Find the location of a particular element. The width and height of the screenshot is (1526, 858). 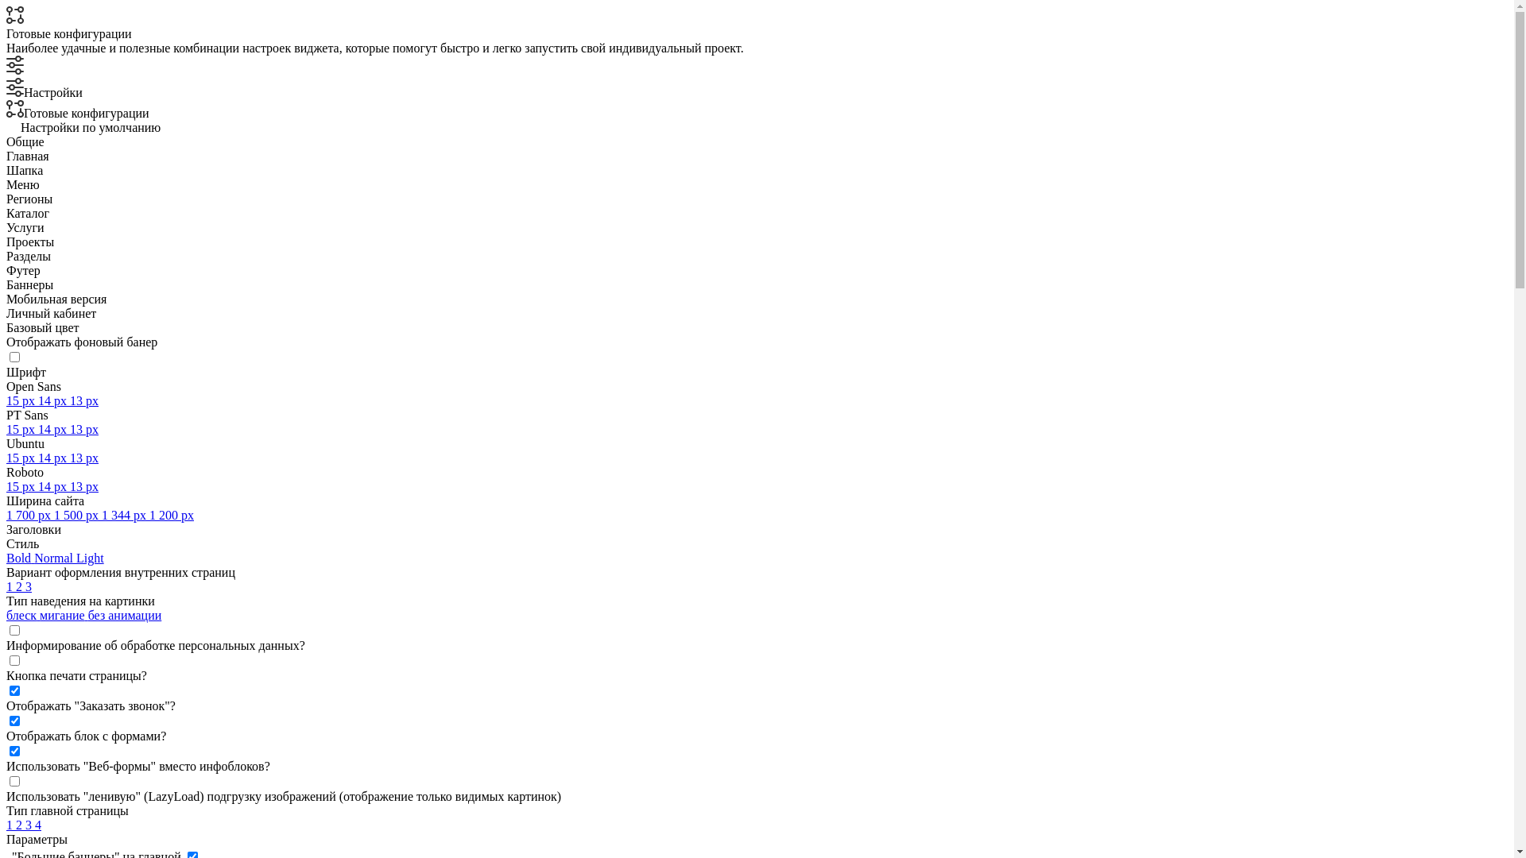

'13 px' is located at coordinates (68, 429).